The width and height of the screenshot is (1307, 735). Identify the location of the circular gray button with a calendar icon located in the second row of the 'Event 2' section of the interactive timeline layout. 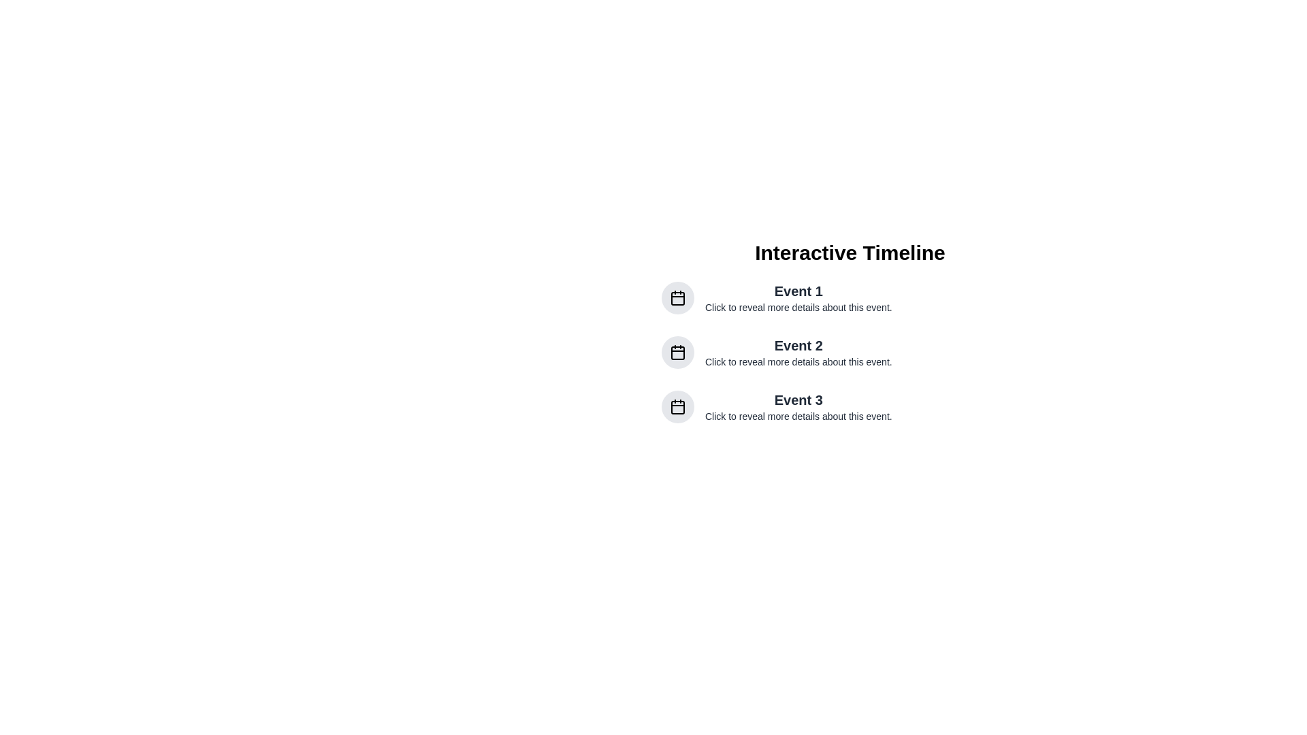
(678, 351).